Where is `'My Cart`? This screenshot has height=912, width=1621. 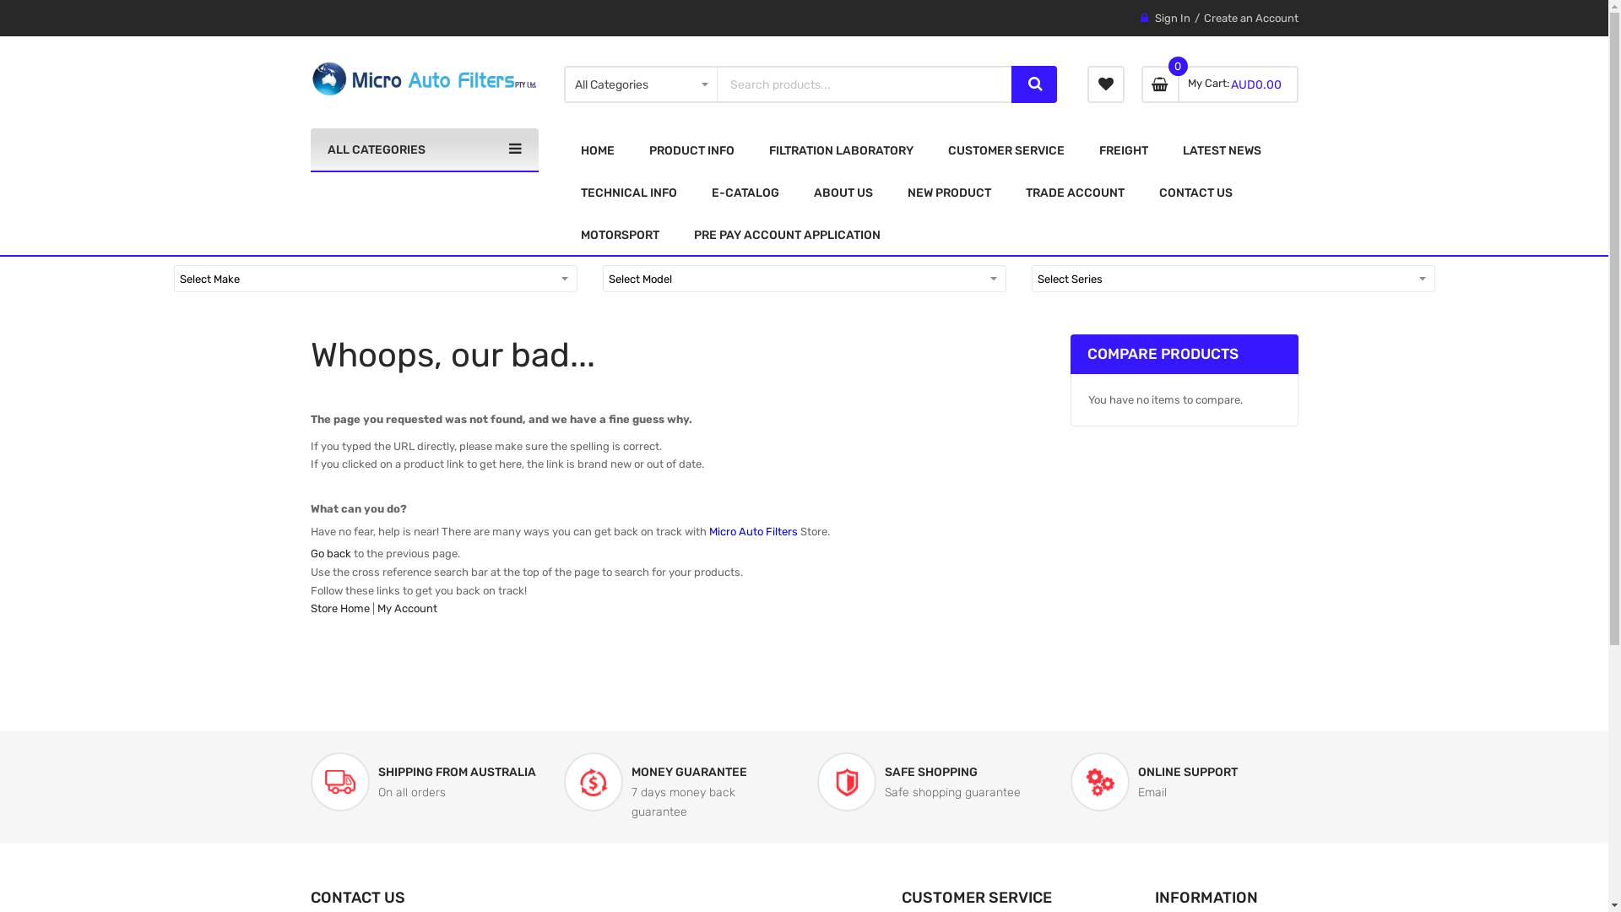
'My Cart is located at coordinates (1141, 84).